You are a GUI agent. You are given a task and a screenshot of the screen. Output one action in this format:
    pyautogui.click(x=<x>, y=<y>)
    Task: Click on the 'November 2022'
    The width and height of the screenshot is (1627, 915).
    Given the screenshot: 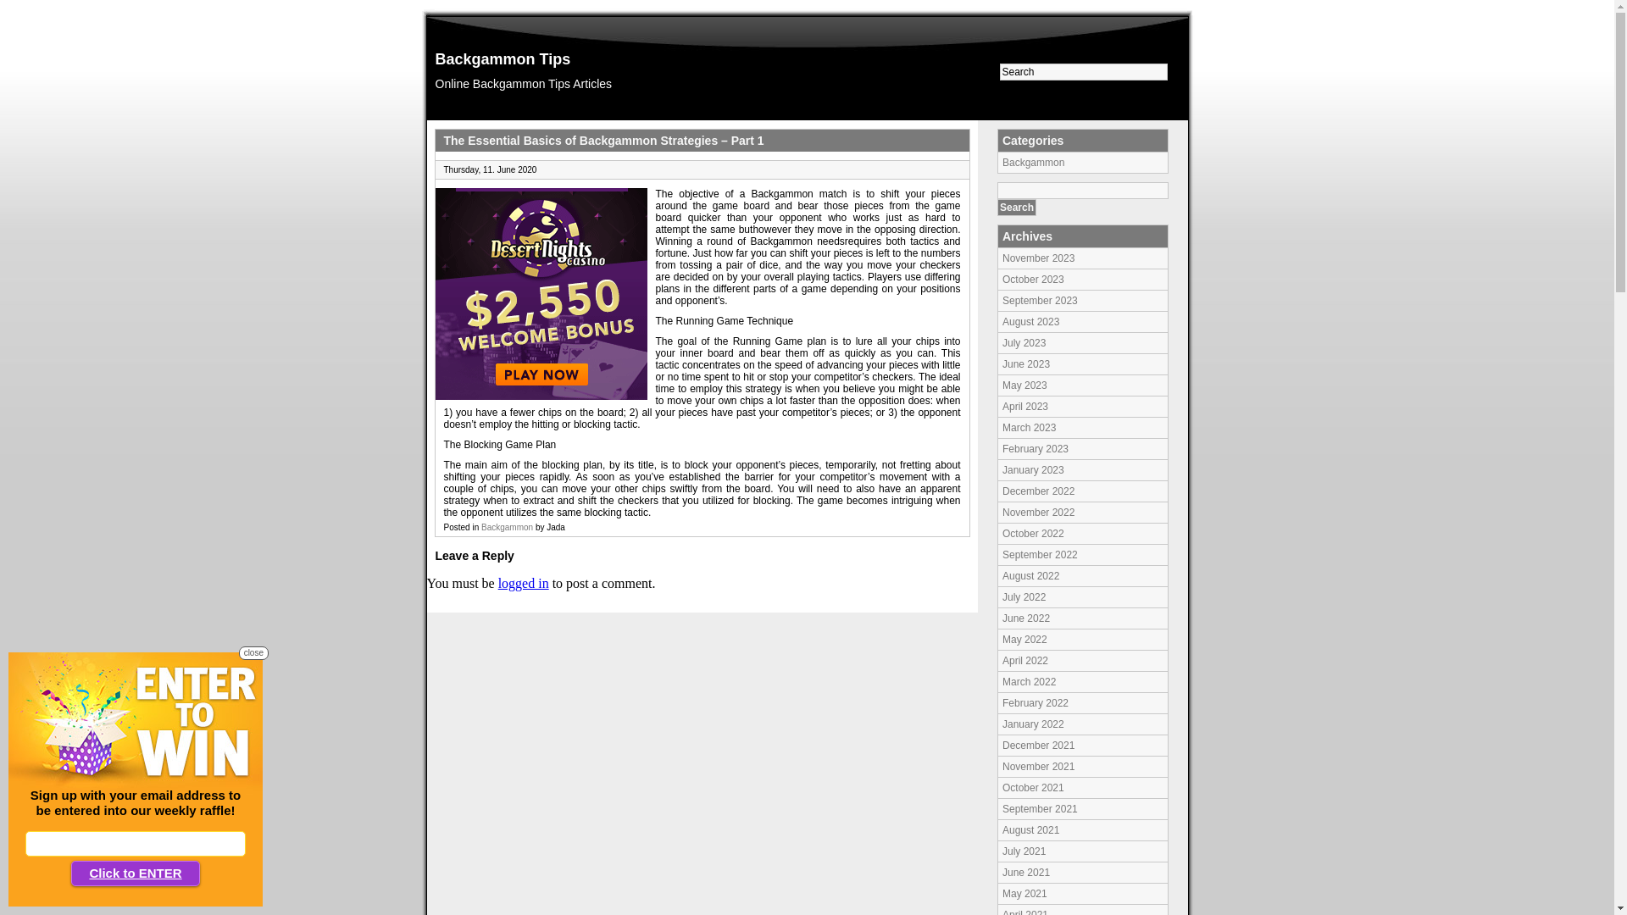 What is the action you would take?
    pyautogui.click(x=1002, y=512)
    